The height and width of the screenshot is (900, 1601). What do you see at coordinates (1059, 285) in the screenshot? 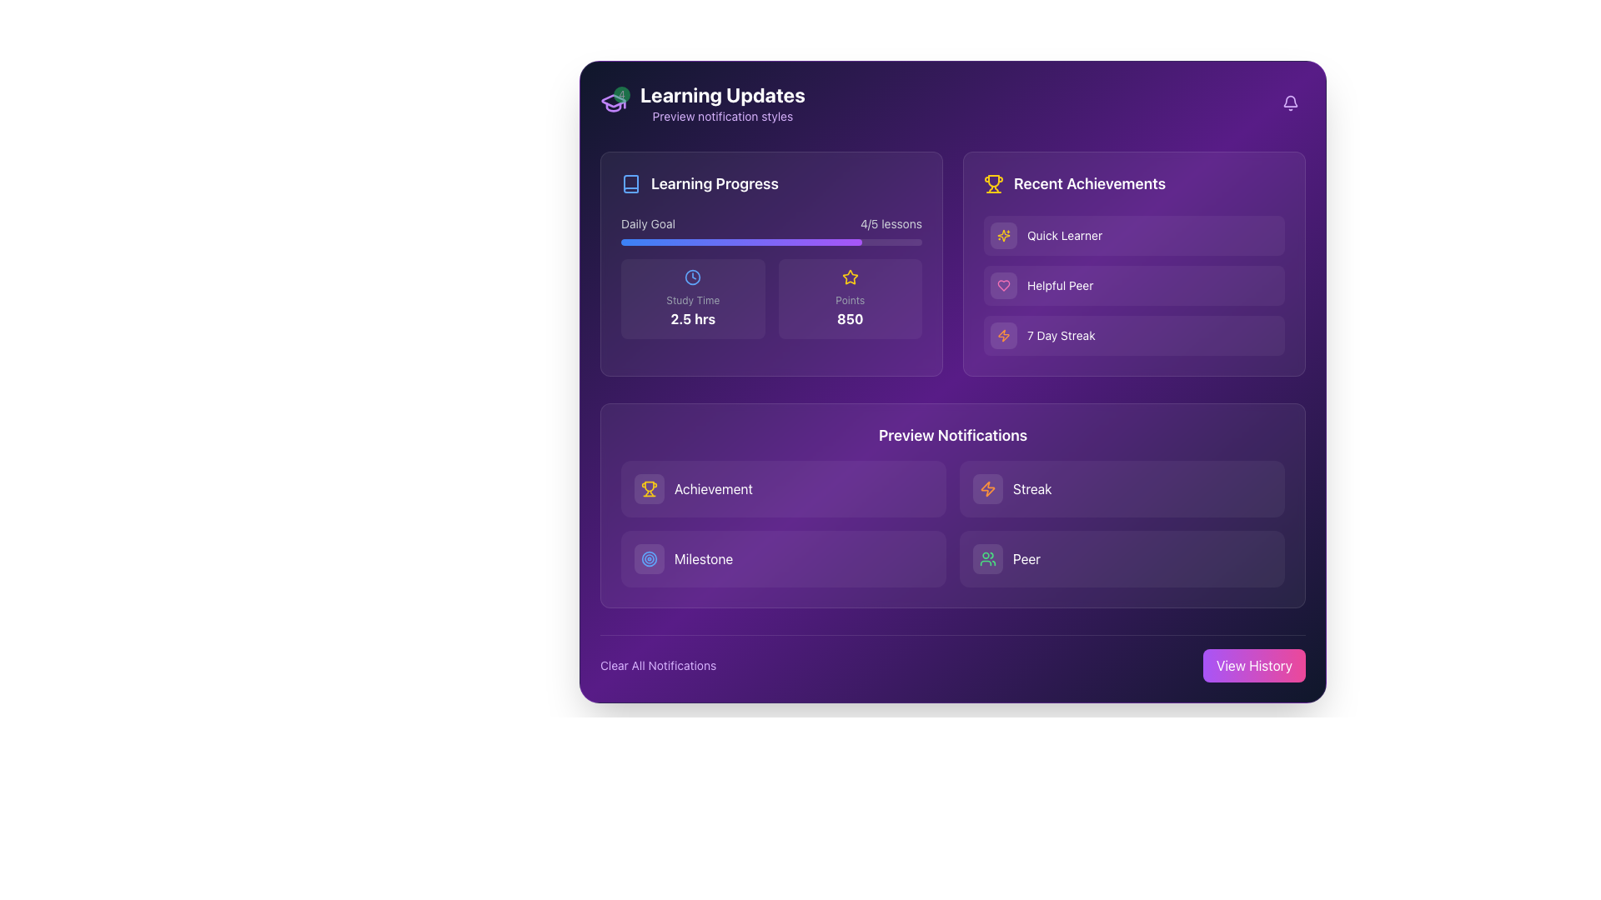
I see `the label that informs users about a specific achievement or category within the interface, which is positioned following an icon in a horizontally-aligned layout` at bounding box center [1059, 285].